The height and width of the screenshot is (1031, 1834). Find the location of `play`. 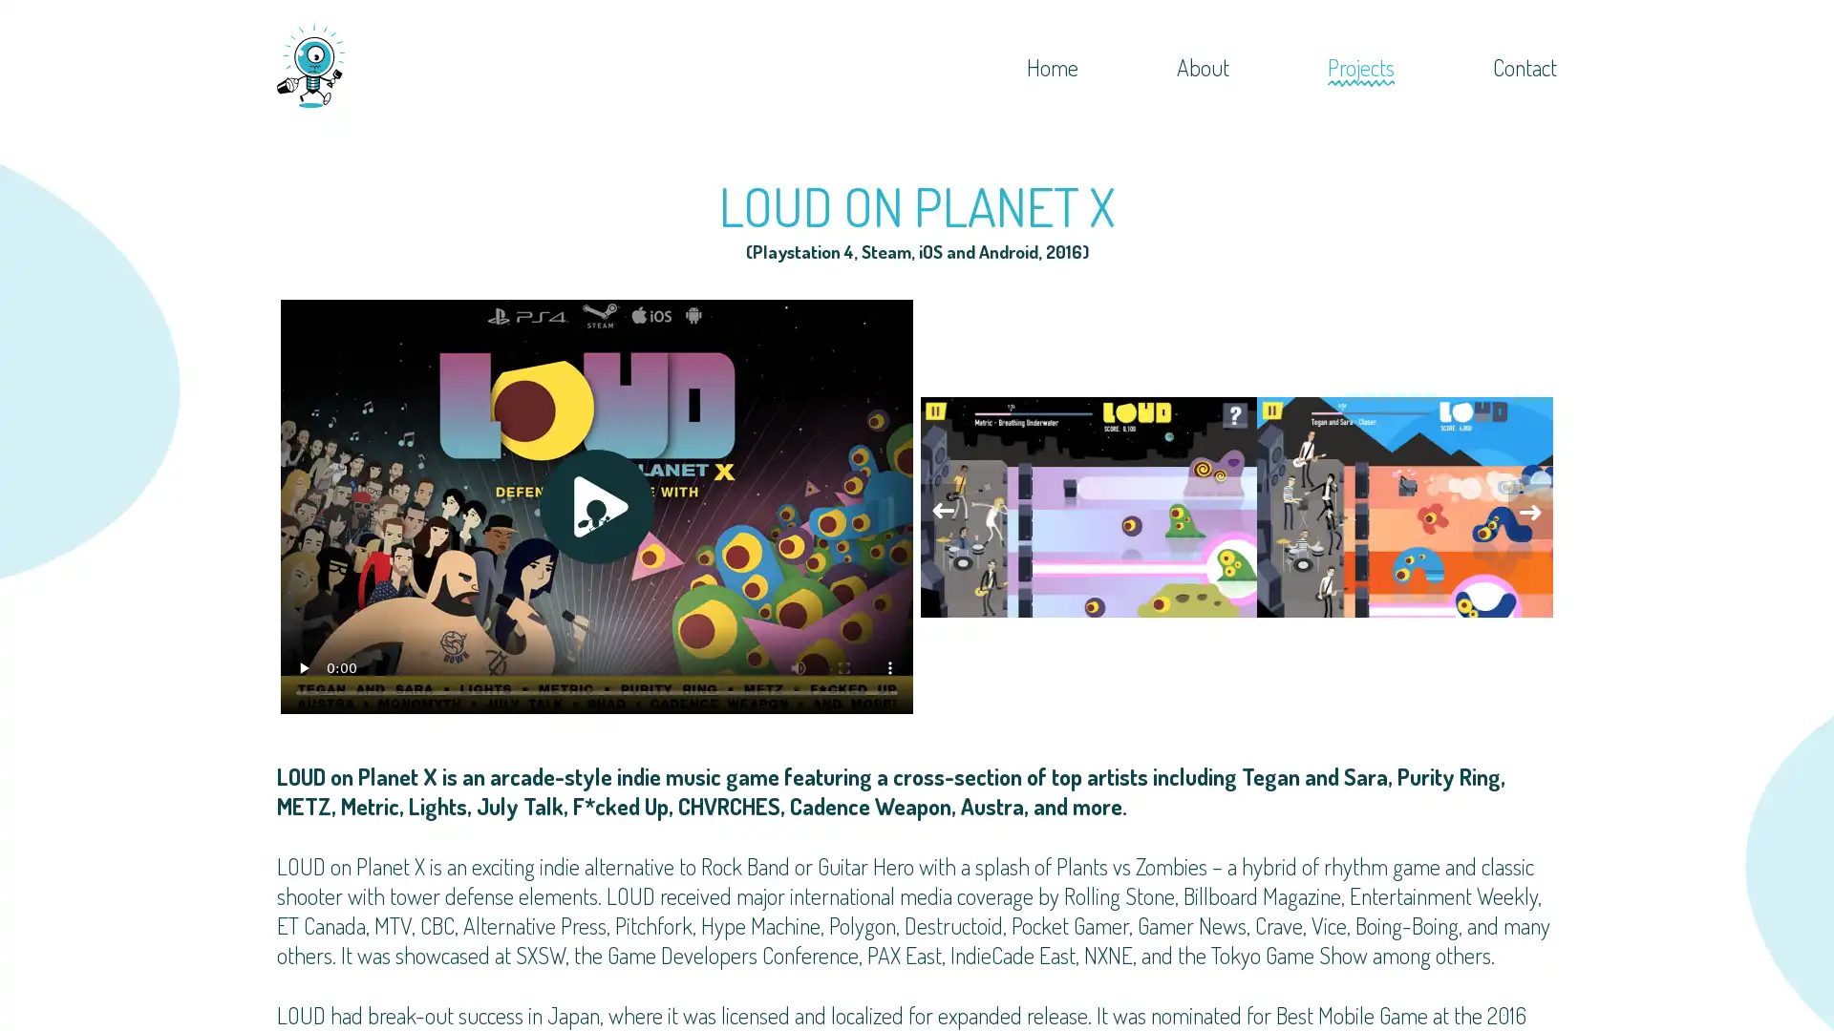

play is located at coordinates (302, 666).